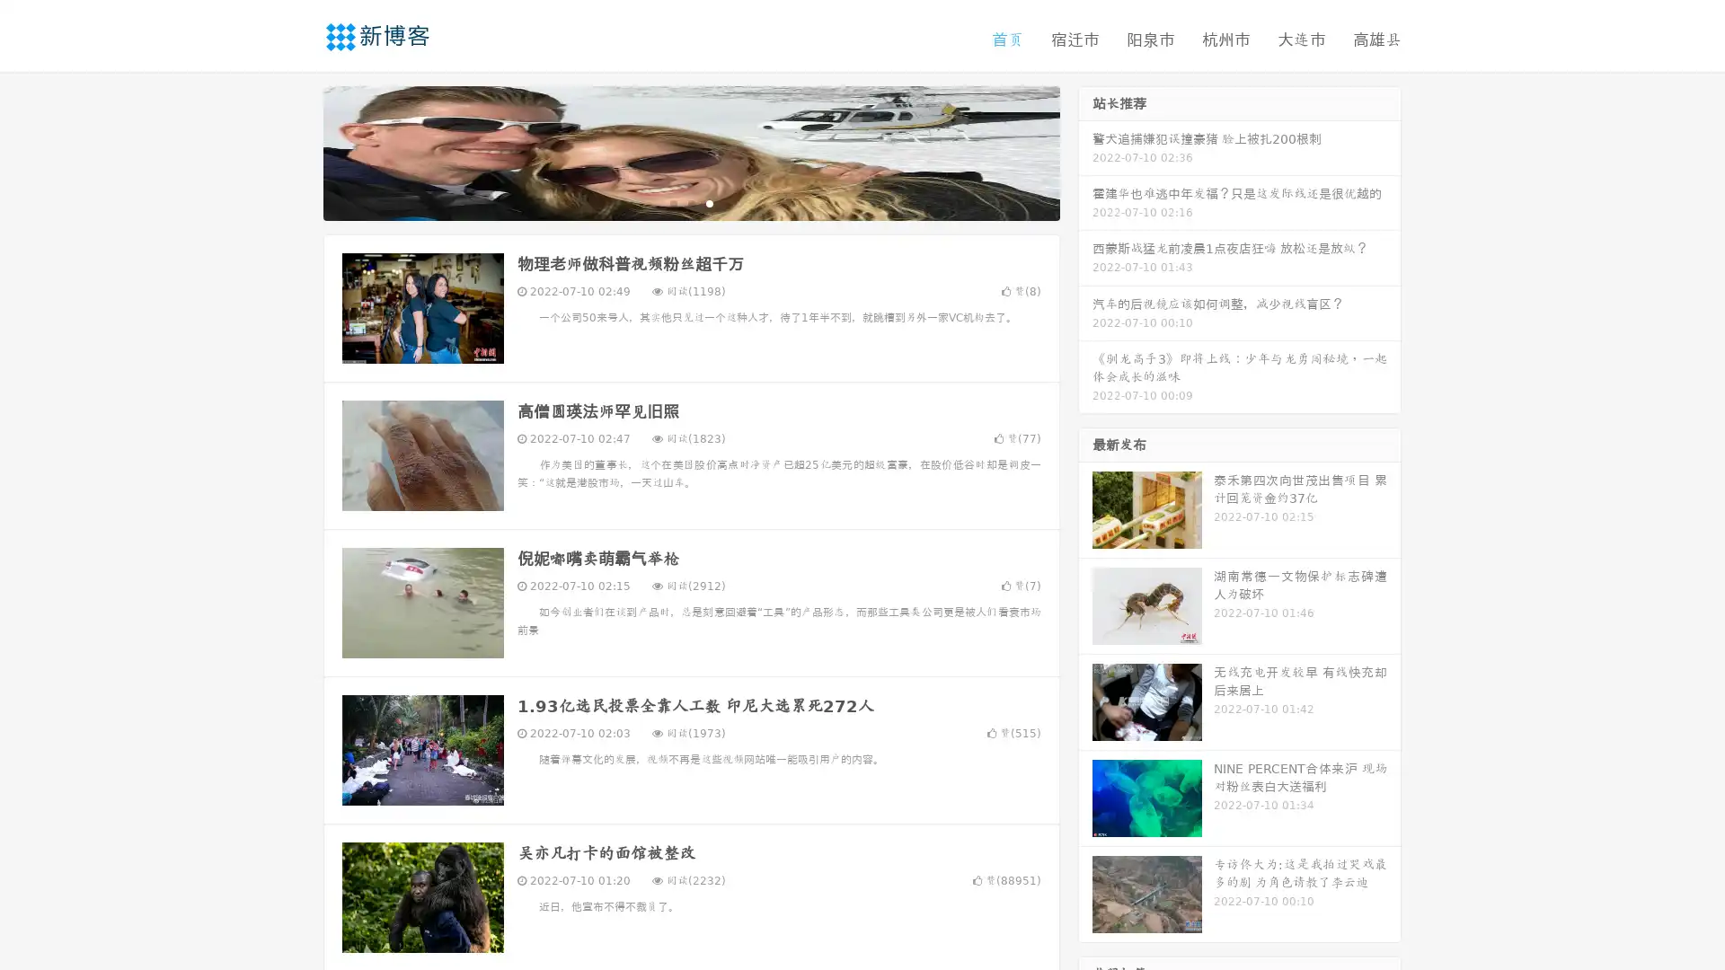 This screenshot has width=1725, height=970. I want to click on Previous slide, so click(296, 151).